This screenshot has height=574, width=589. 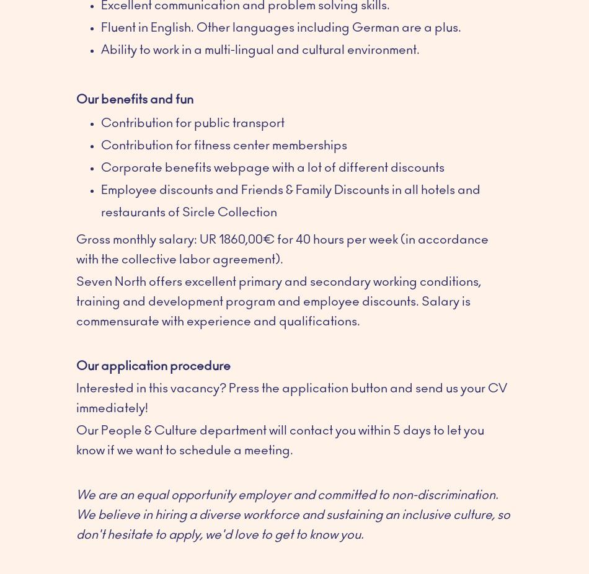 What do you see at coordinates (280, 439) in the screenshot?
I see `'Our People & Culture department will contact you within 5 days to let you know if we want to schedule a meeting.'` at bounding box center [280, 439].